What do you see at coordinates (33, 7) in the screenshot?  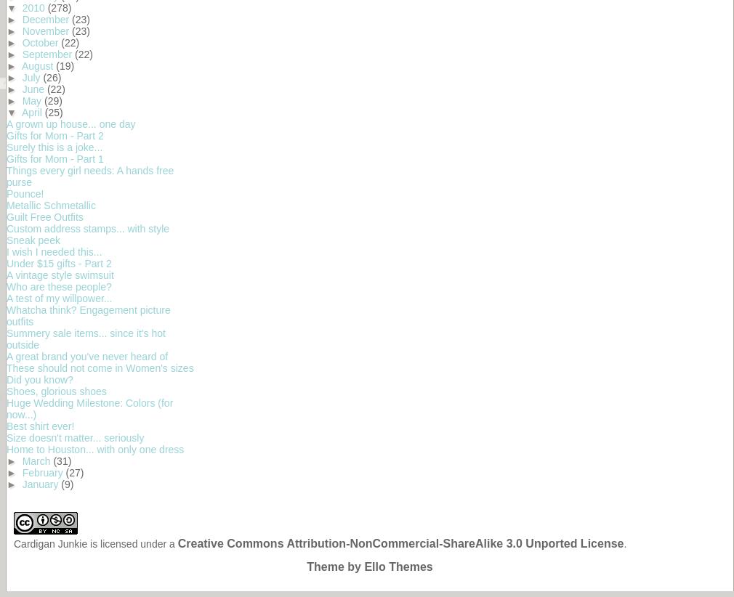 I see `'2010'` at bounding box center [33, 7].